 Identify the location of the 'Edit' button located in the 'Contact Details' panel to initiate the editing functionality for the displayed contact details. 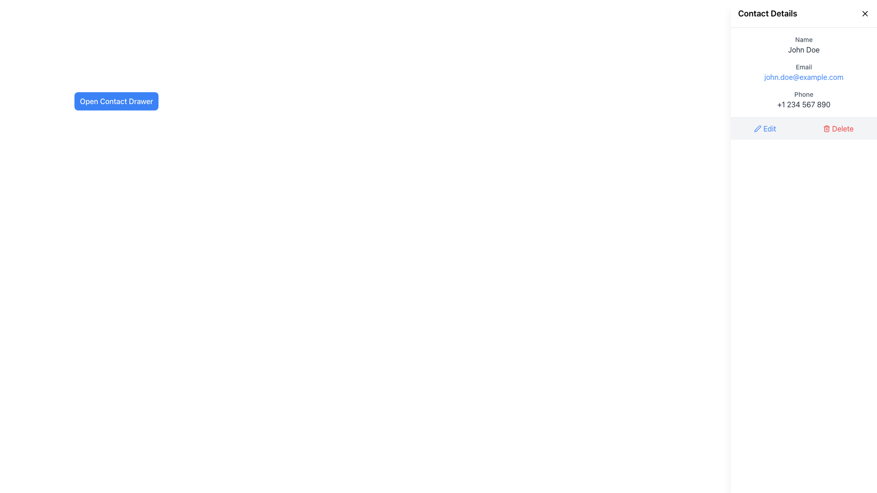
(765, 128).